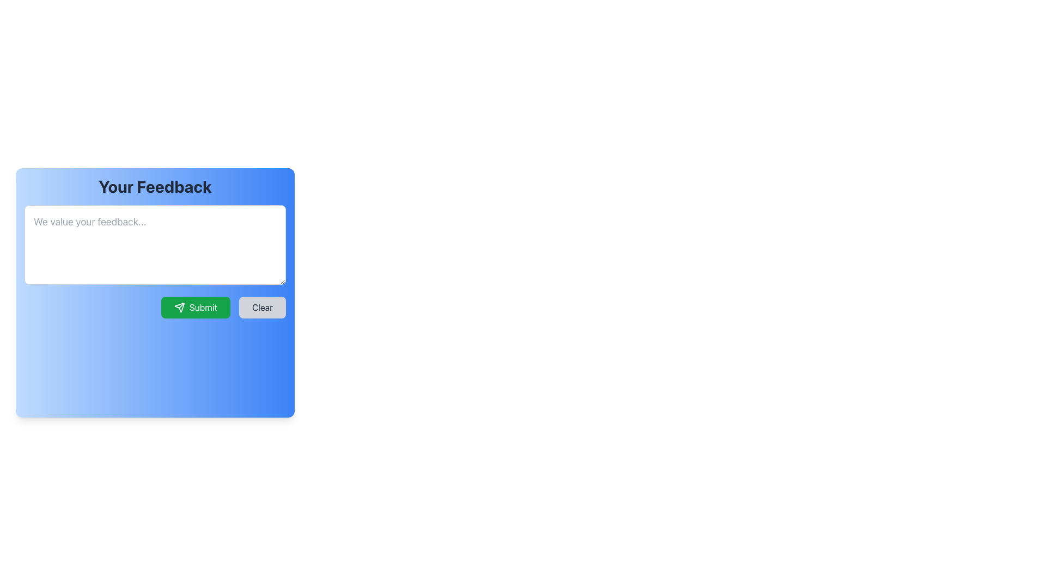 The width and height of the screenshot is (1046, 588). Describe the element at coordinates (179, 307) in the screenshot. I see `the arrow icon within the green 'Submit' button located at the bottom-left of the feedback form, which visually indicates the action of submitting the form` at that location.